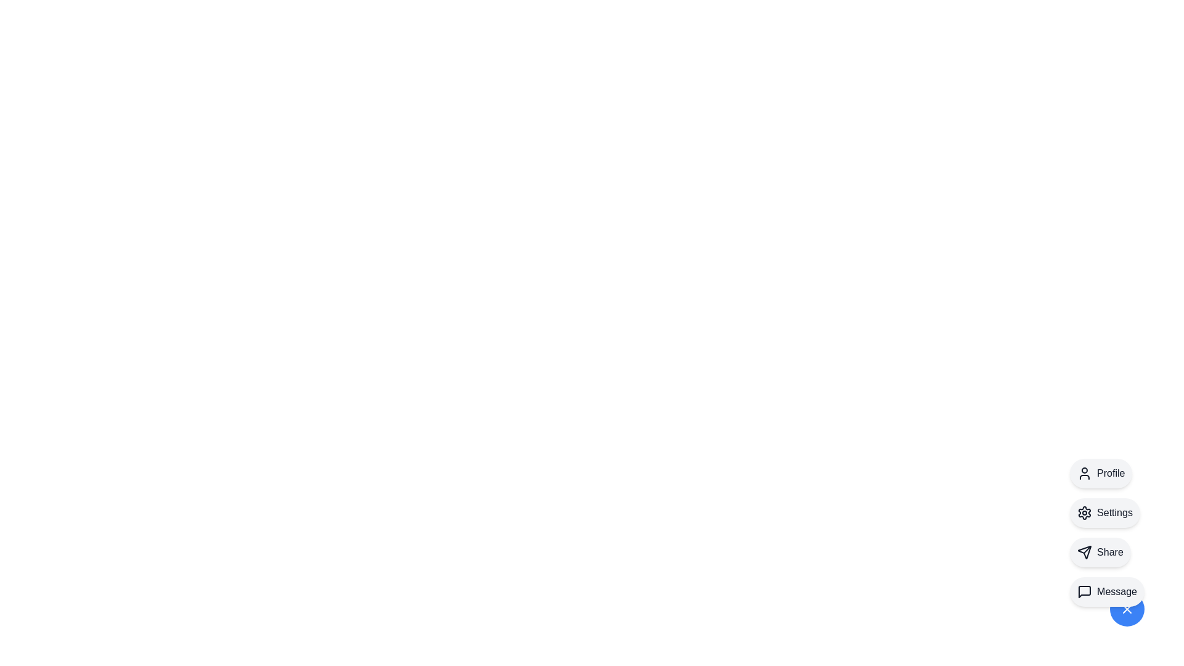  Describe the element at coordinates (1104, 513) in the screenshot. I see `the Settings option from the speed dial` at that location.